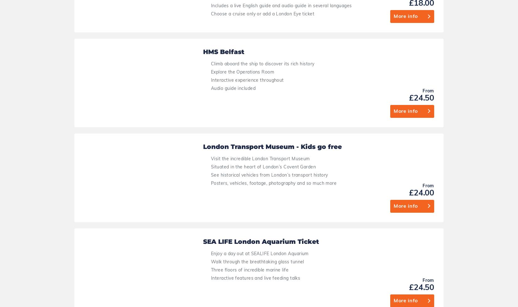 The image size is (518, 307). I want to click on 'Meet Shrek & friends at DREAMWORKS Shrek’s Adventure', so click(274, 133).